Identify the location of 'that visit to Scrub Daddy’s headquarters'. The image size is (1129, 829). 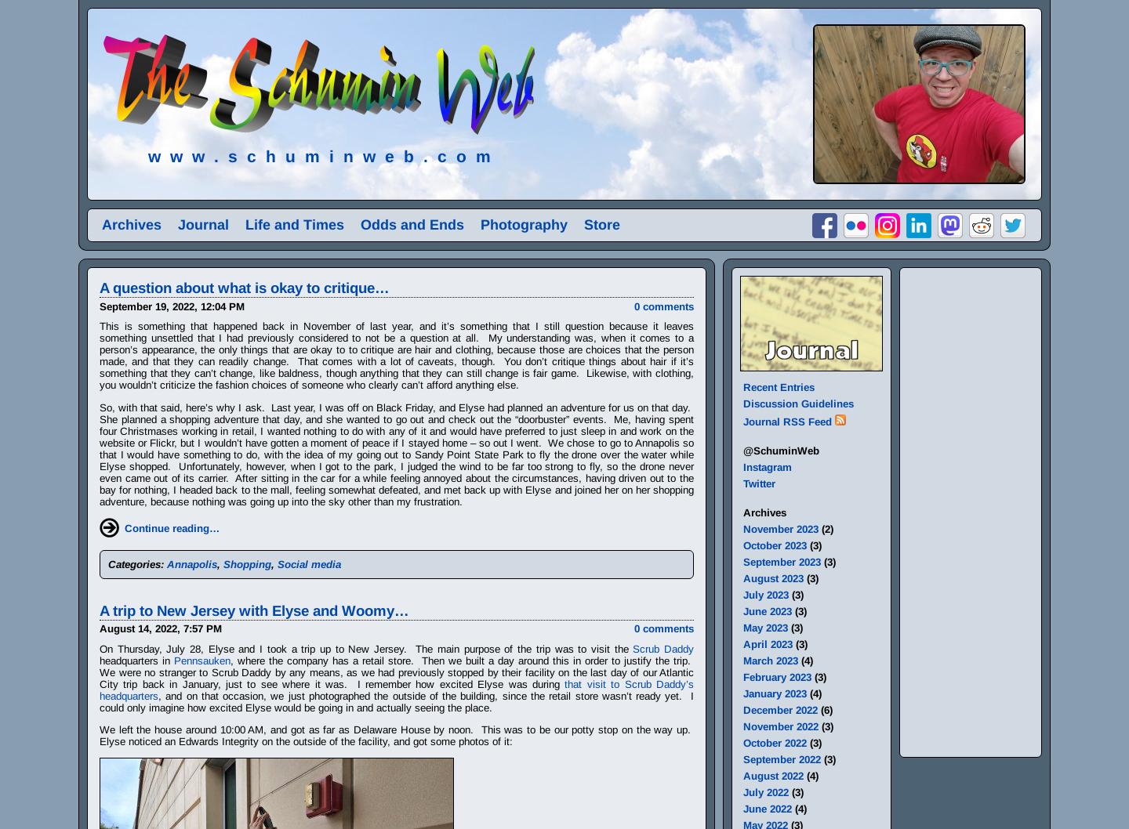
(396, 689).